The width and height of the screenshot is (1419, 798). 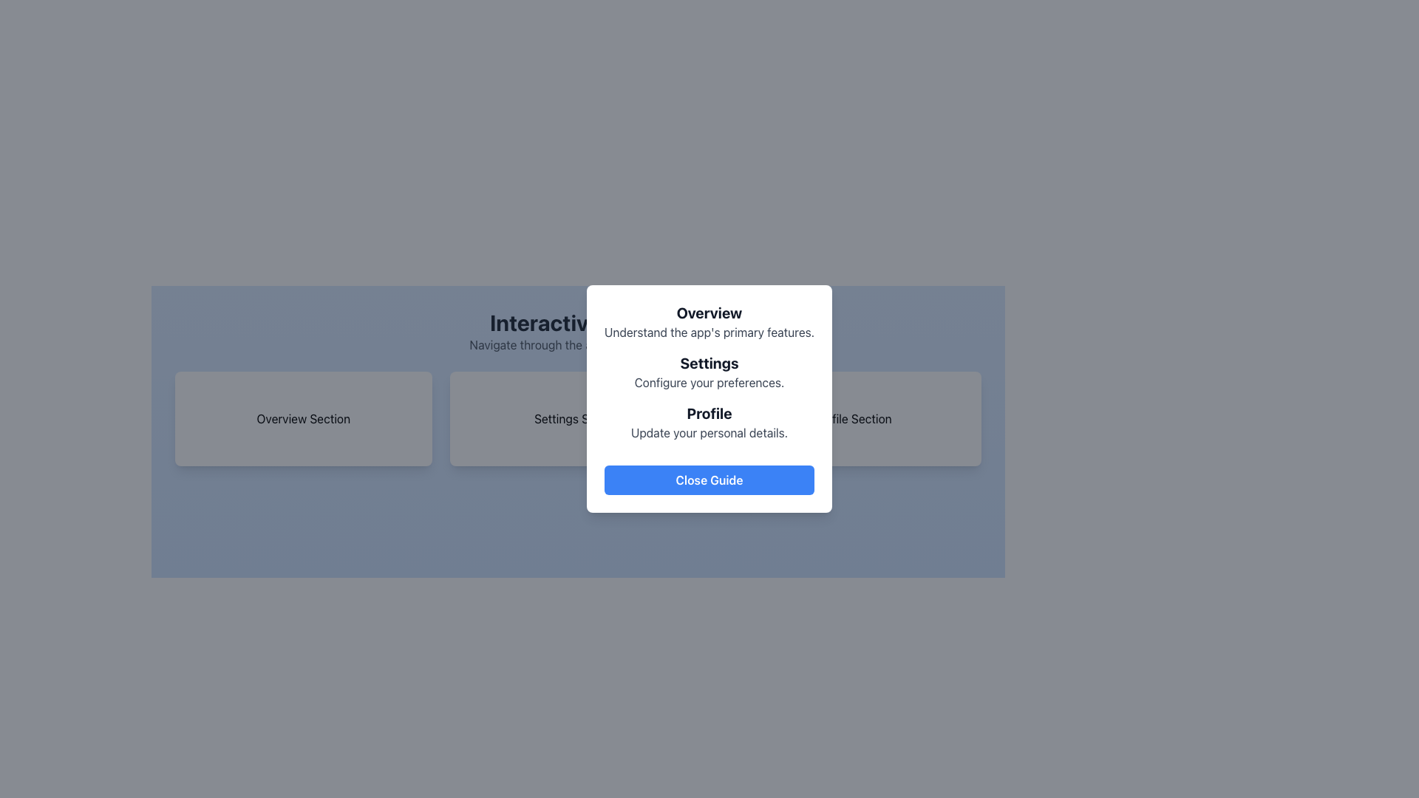 What do you see at coordinates (853, 419) in the screenshot?
I see `the 'Profile Section' static display card, which is the third card in a horizontal grid layout, located to the right of the 'Settings Section' card` at bounding box center [853, 419].